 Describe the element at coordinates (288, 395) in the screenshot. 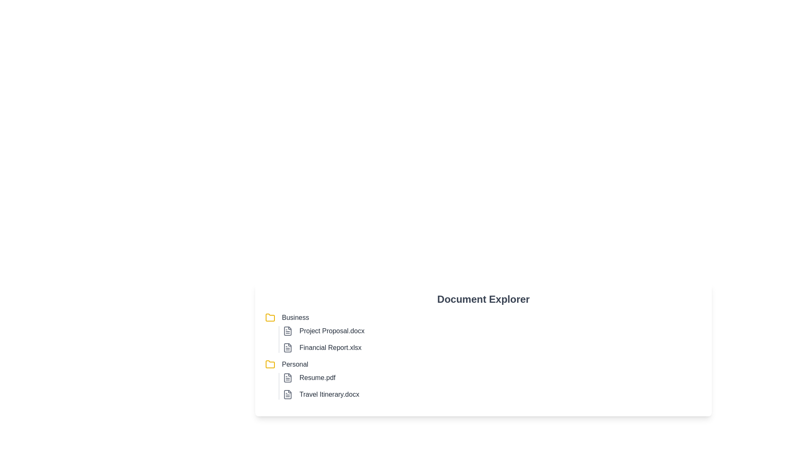

I see `the document-shaped SVG icon associated with 'Travel Itinerary.docx' located in the second group under the 'Personal' folder` at that location.